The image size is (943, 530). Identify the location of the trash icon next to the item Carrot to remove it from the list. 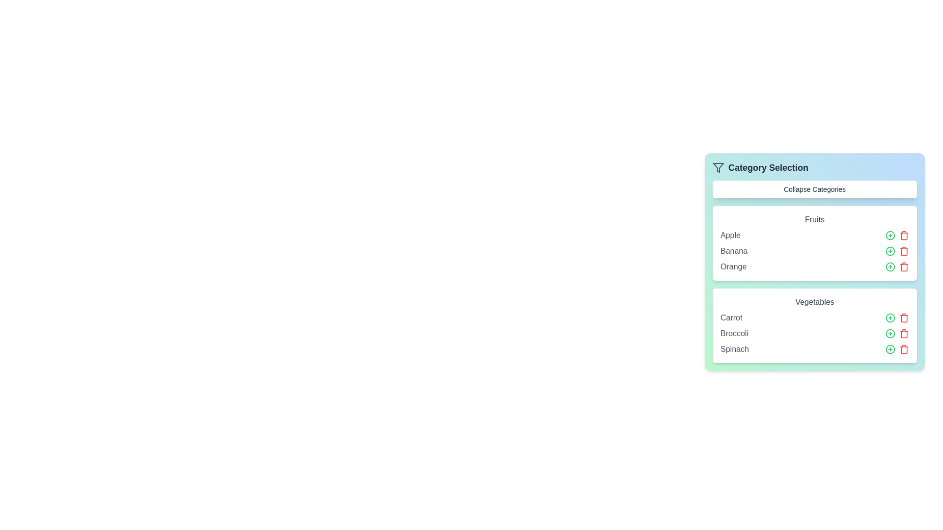
(904, 318).